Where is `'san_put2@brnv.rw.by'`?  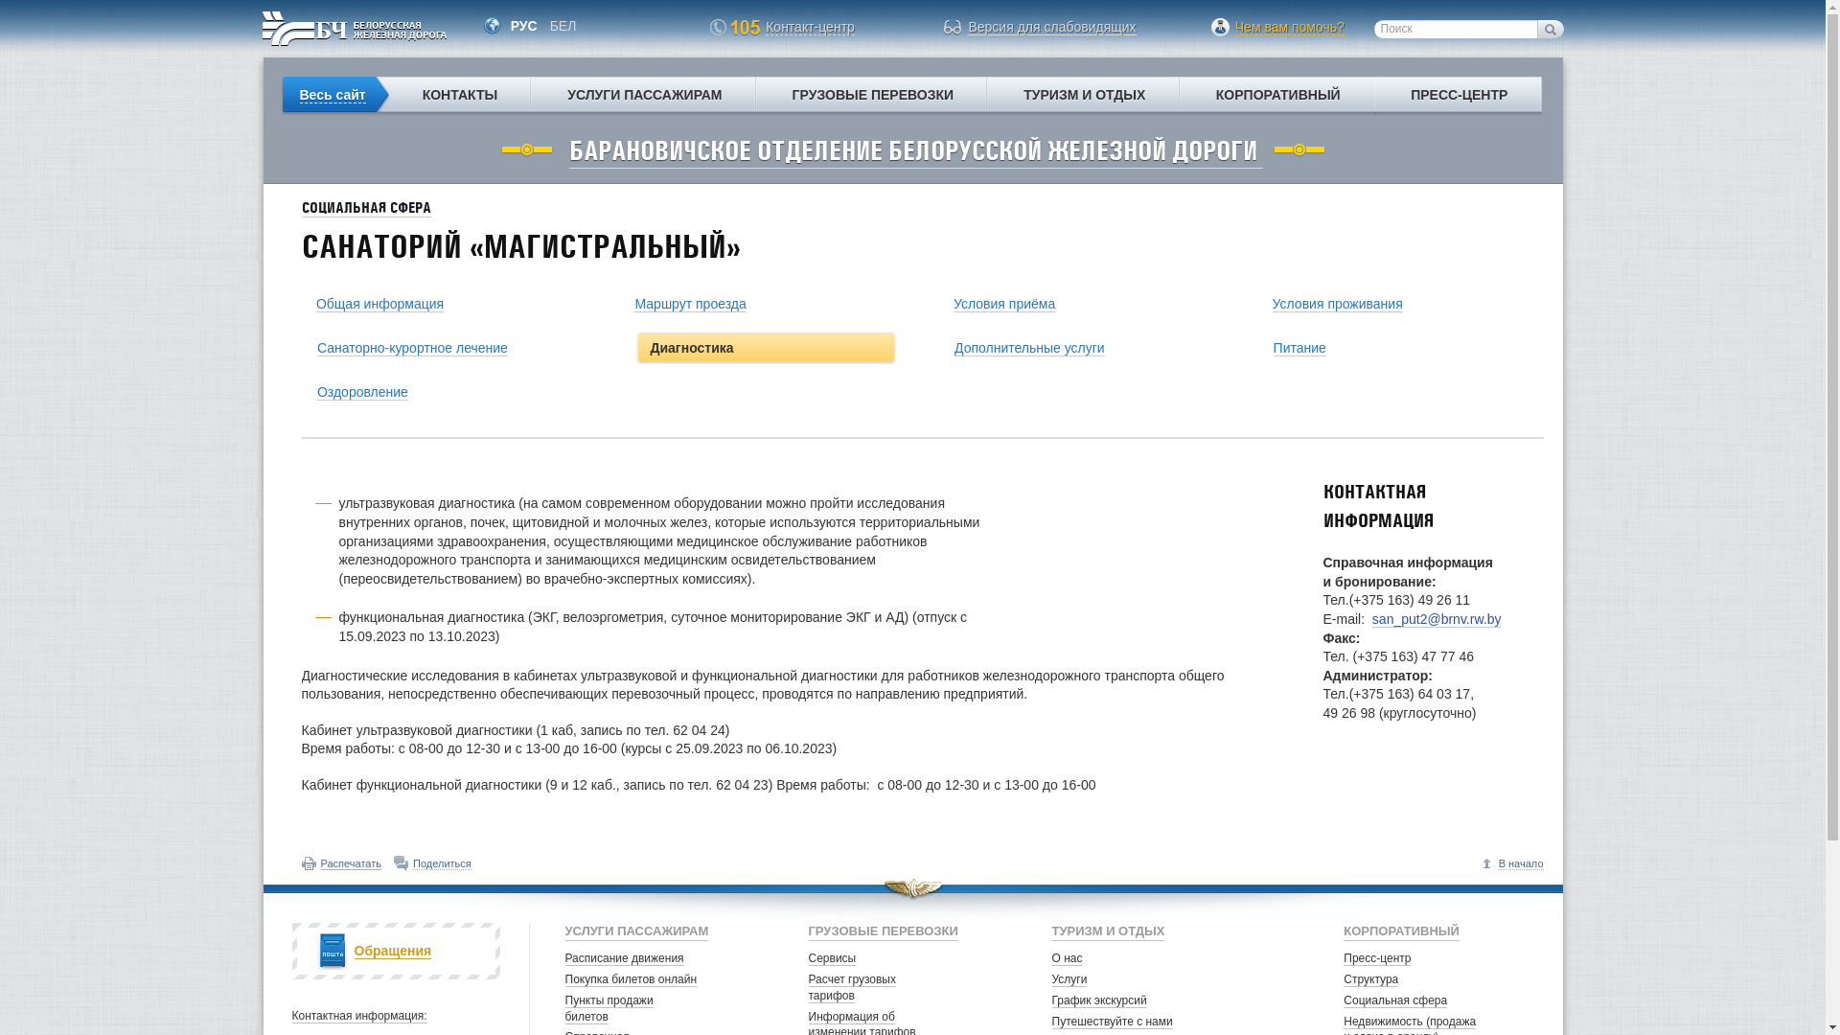
'san_put2@brnv.rw.by' is located at coordinates (1437, 619).